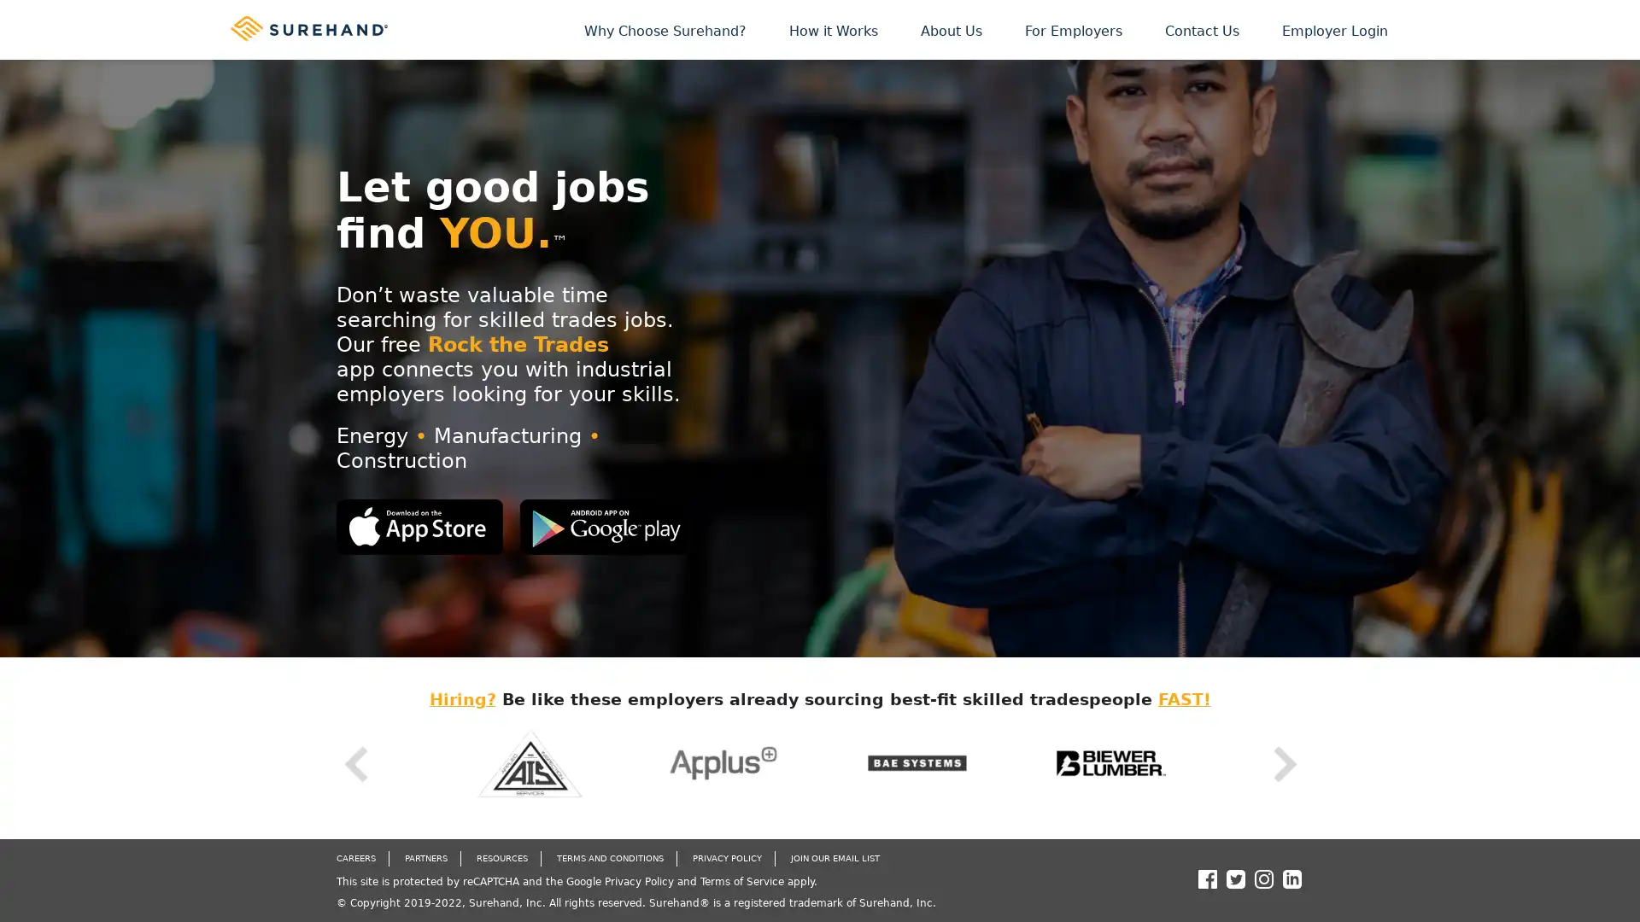  What do you see at coordinates (354, 763) in the screenshot?
I see `Previous` at bounding box center [354, 763].